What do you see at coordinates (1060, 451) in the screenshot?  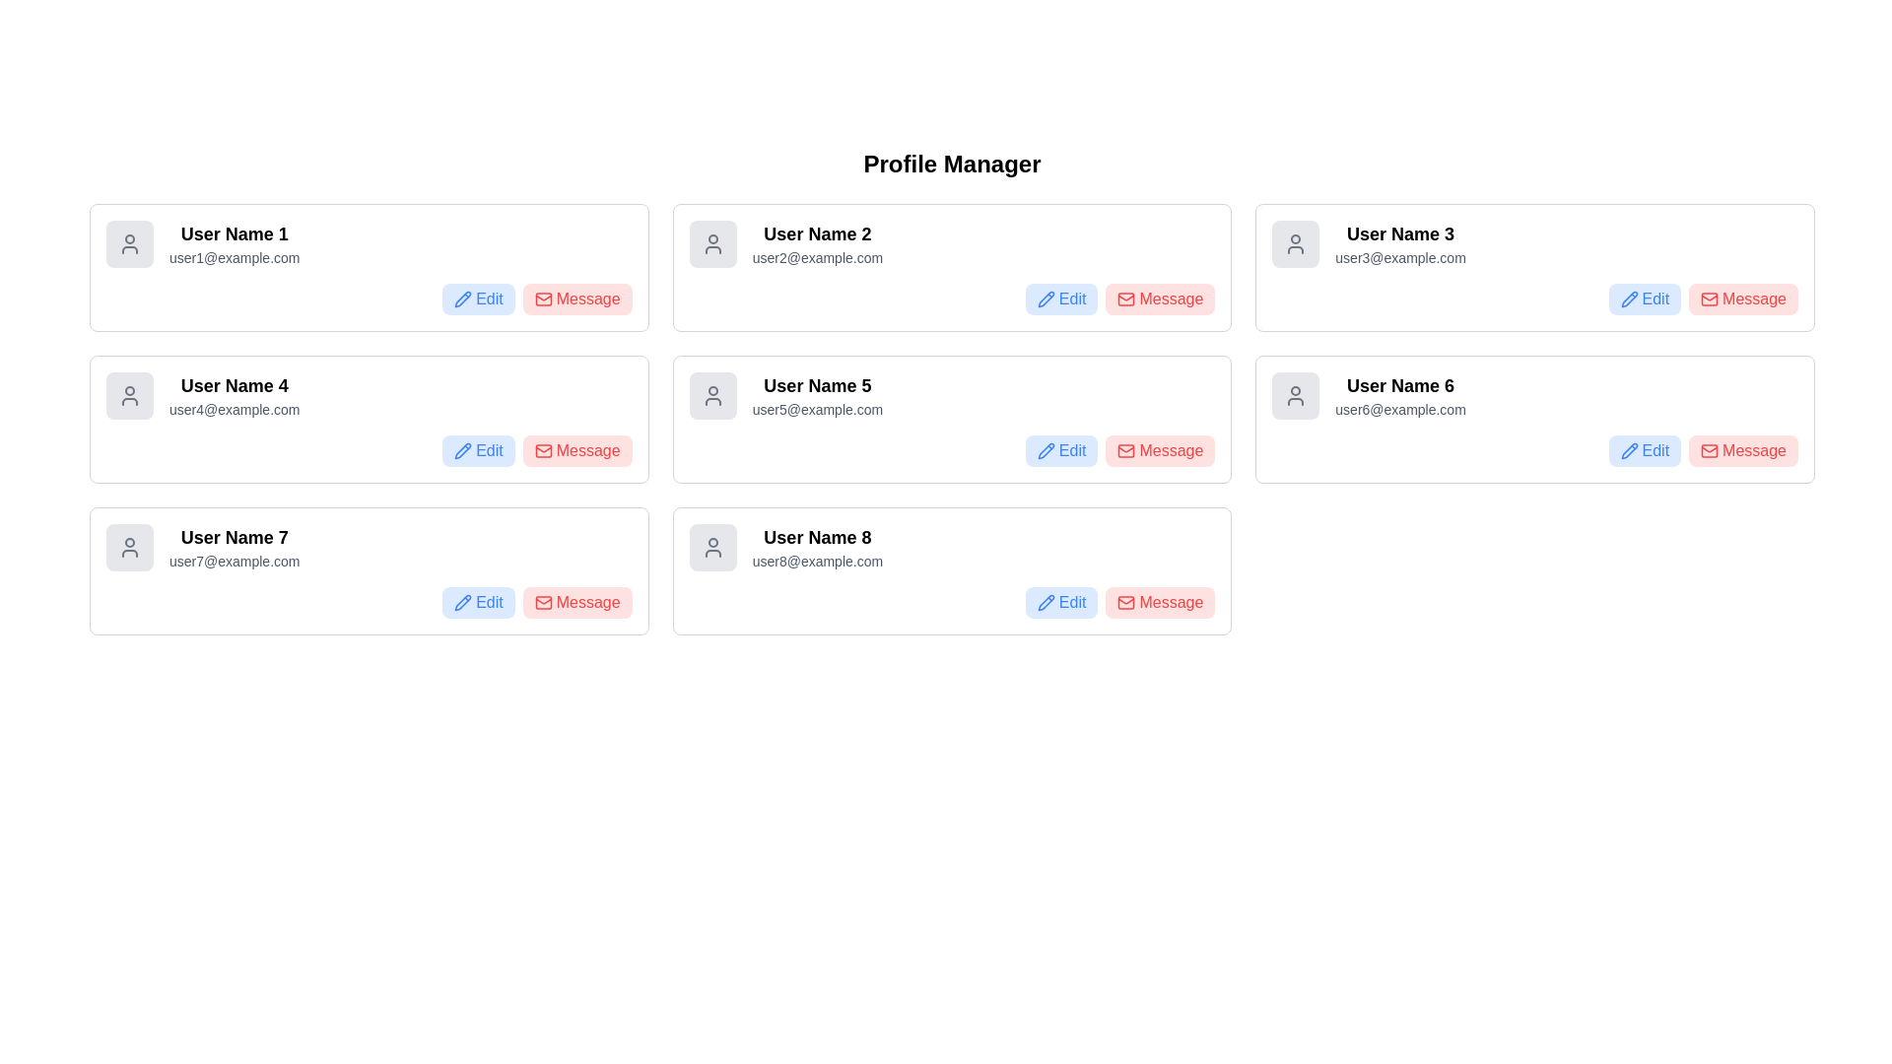 I see `the edit button located at the bottom-right corner of the card for 'User Name 5' to initiate the editing process for the user's details` at bounding box center [1060, 451].